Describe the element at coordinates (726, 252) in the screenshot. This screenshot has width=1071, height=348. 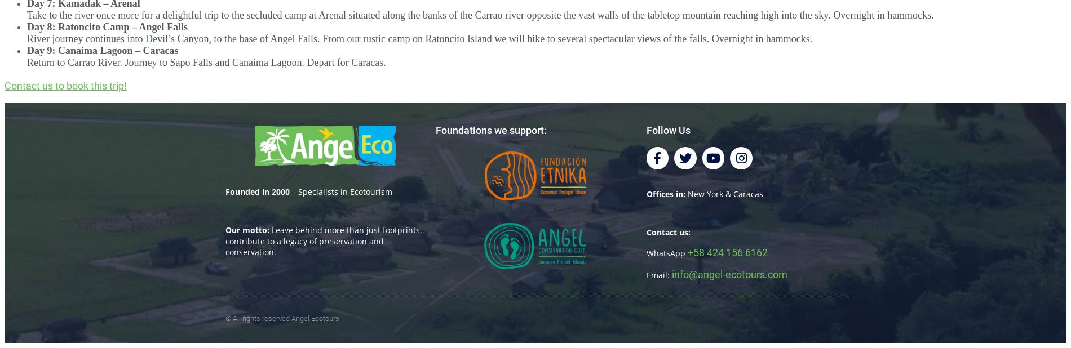
I see `'+58 424 156 6162'` at that location.